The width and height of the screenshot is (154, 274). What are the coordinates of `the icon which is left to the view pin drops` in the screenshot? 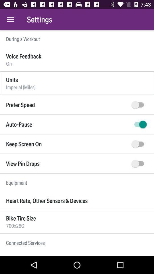 It's located at (139, 164).